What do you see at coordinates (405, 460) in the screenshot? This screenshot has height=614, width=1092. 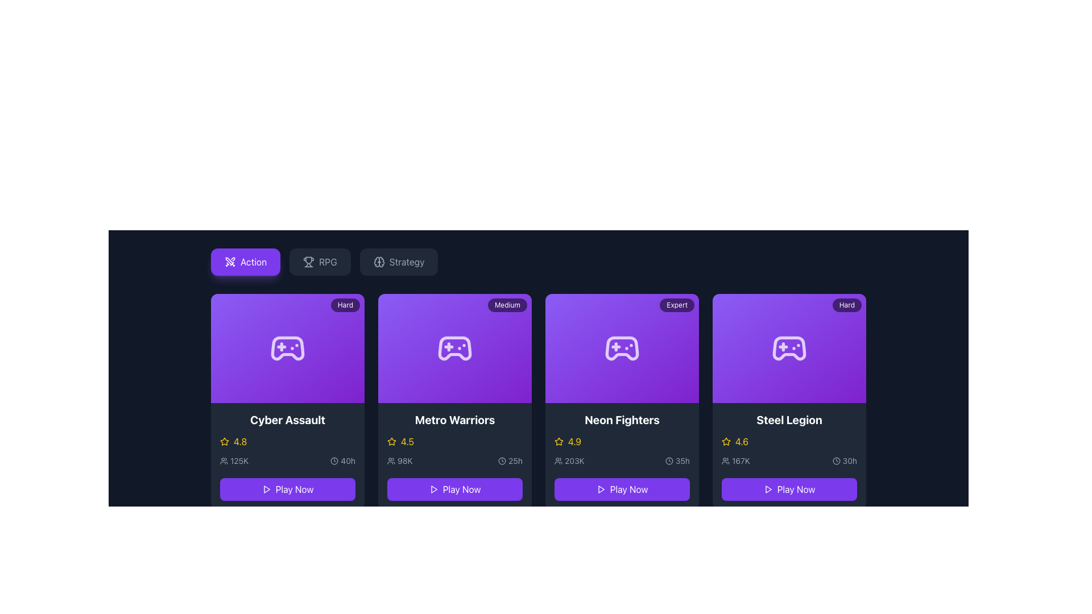 I see `the static text displaying '98K' users associated with the 'Metro Warriors' game` at bounding box center [405, 460].